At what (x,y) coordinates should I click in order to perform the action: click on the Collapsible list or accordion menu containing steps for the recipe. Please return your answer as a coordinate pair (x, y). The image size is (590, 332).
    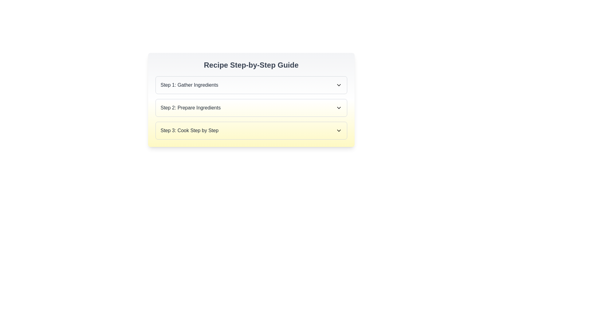
    Looking at the image, I should click on (251, 99).